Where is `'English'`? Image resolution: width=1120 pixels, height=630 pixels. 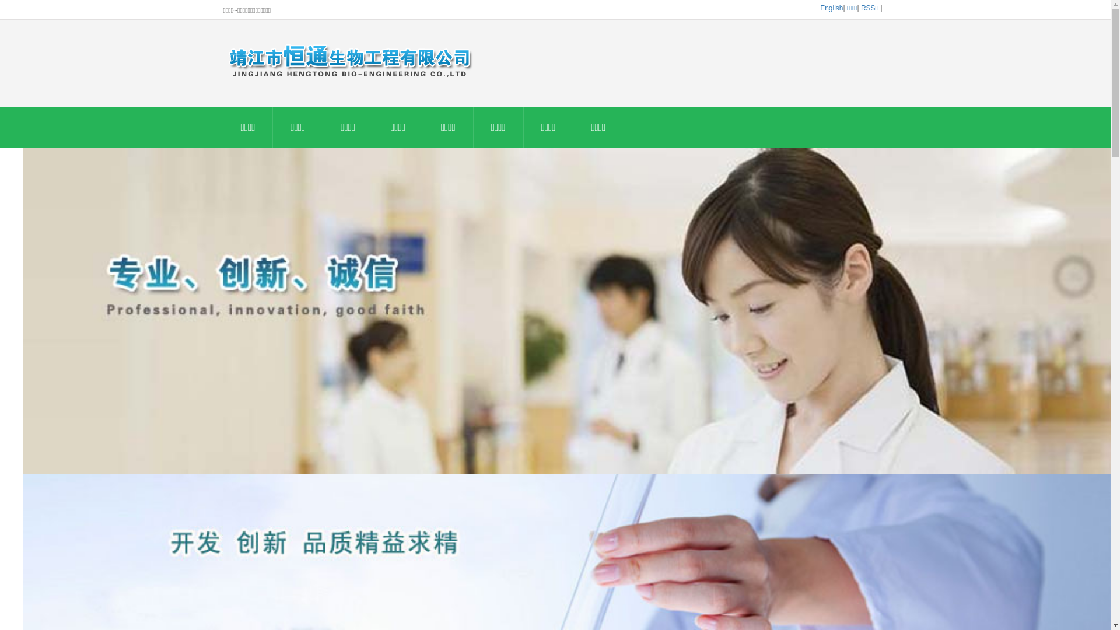 'English' is located at coordinates (831, 8).